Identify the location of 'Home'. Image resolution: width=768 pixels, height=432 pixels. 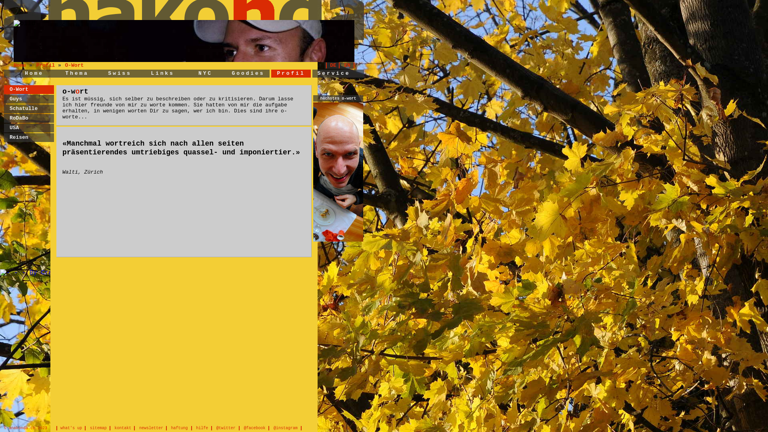
(21, 65).